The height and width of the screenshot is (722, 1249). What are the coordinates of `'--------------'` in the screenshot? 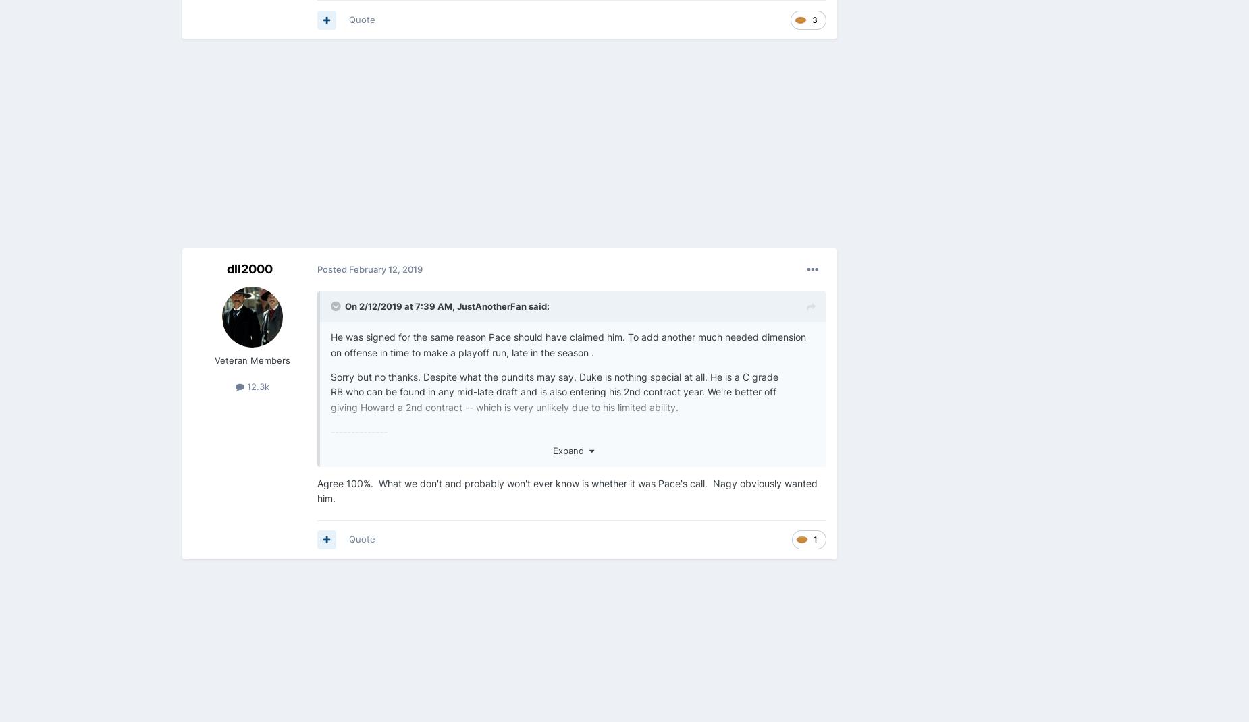 It's located at (331, 431).